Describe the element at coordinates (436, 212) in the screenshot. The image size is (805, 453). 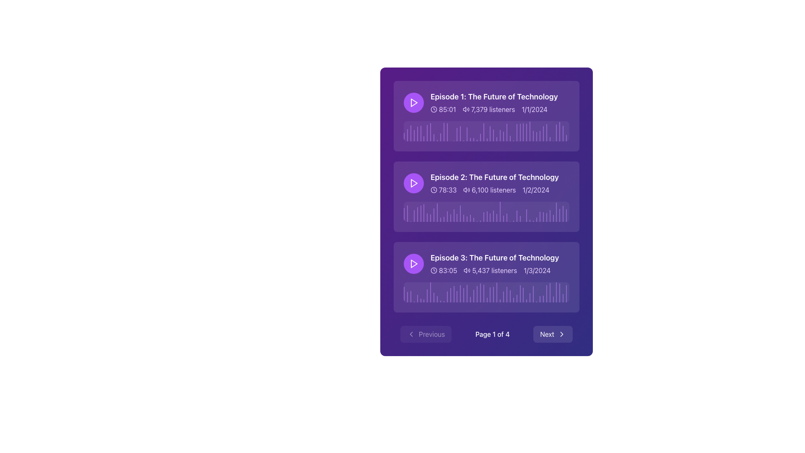
I see `the Progress indicator, which is part of the horizontal waveform bar for 'Episode 2: The Future of Technology', positioned approximately 20% from the left side of the waveform area` at that location.